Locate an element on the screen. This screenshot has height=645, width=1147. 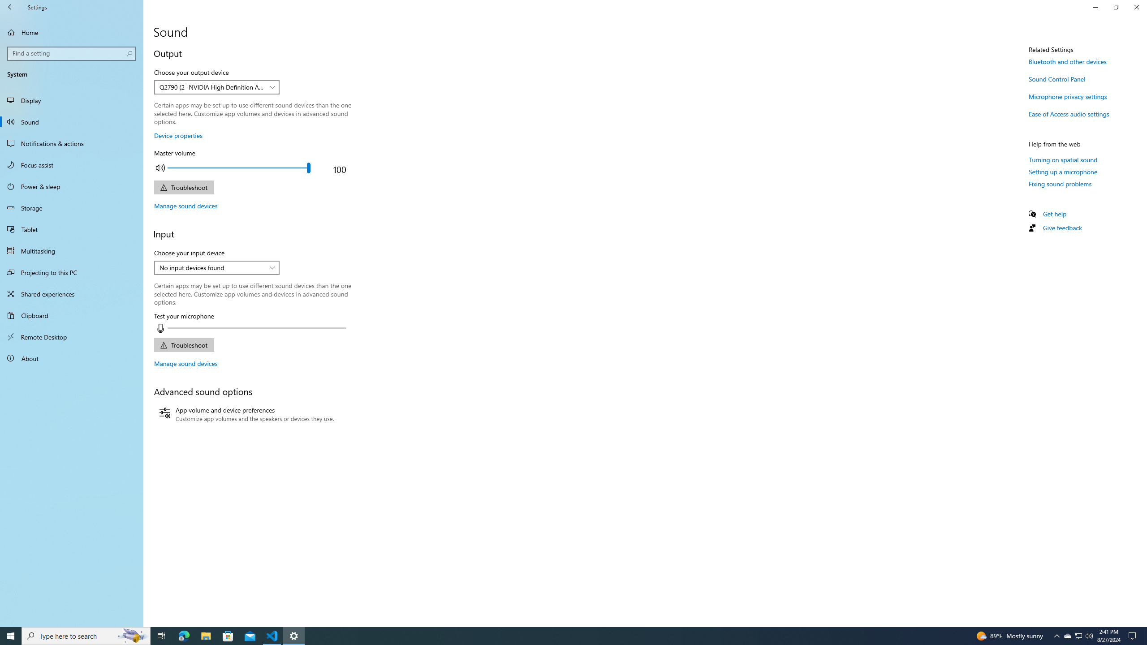
'Tablet' is located at coordinates (71, 228).